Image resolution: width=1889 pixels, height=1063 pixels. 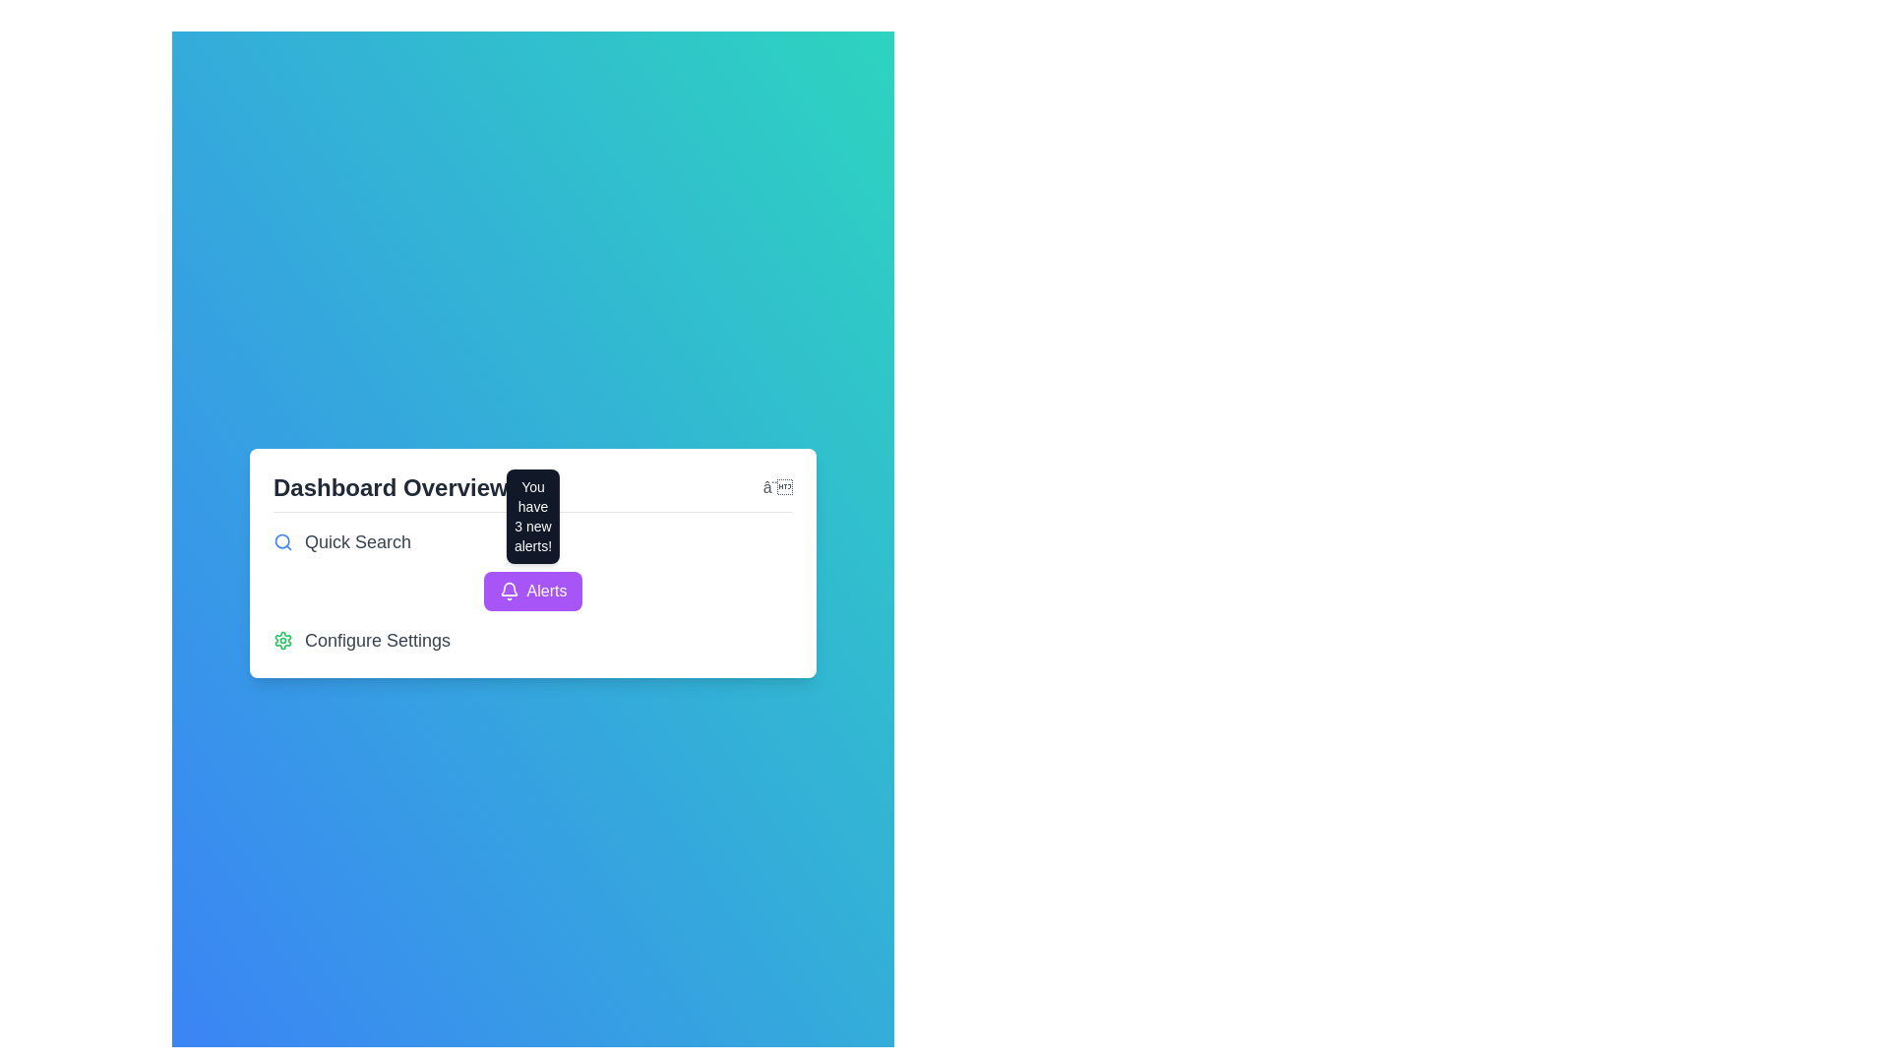 I want to click on the bold, large-sized text label reading 'Dashboard Overview', which is styled with dark gray coloring and positioned prominently at the top of the section, to the left of the header-like structure, so click(x=391, y=487).